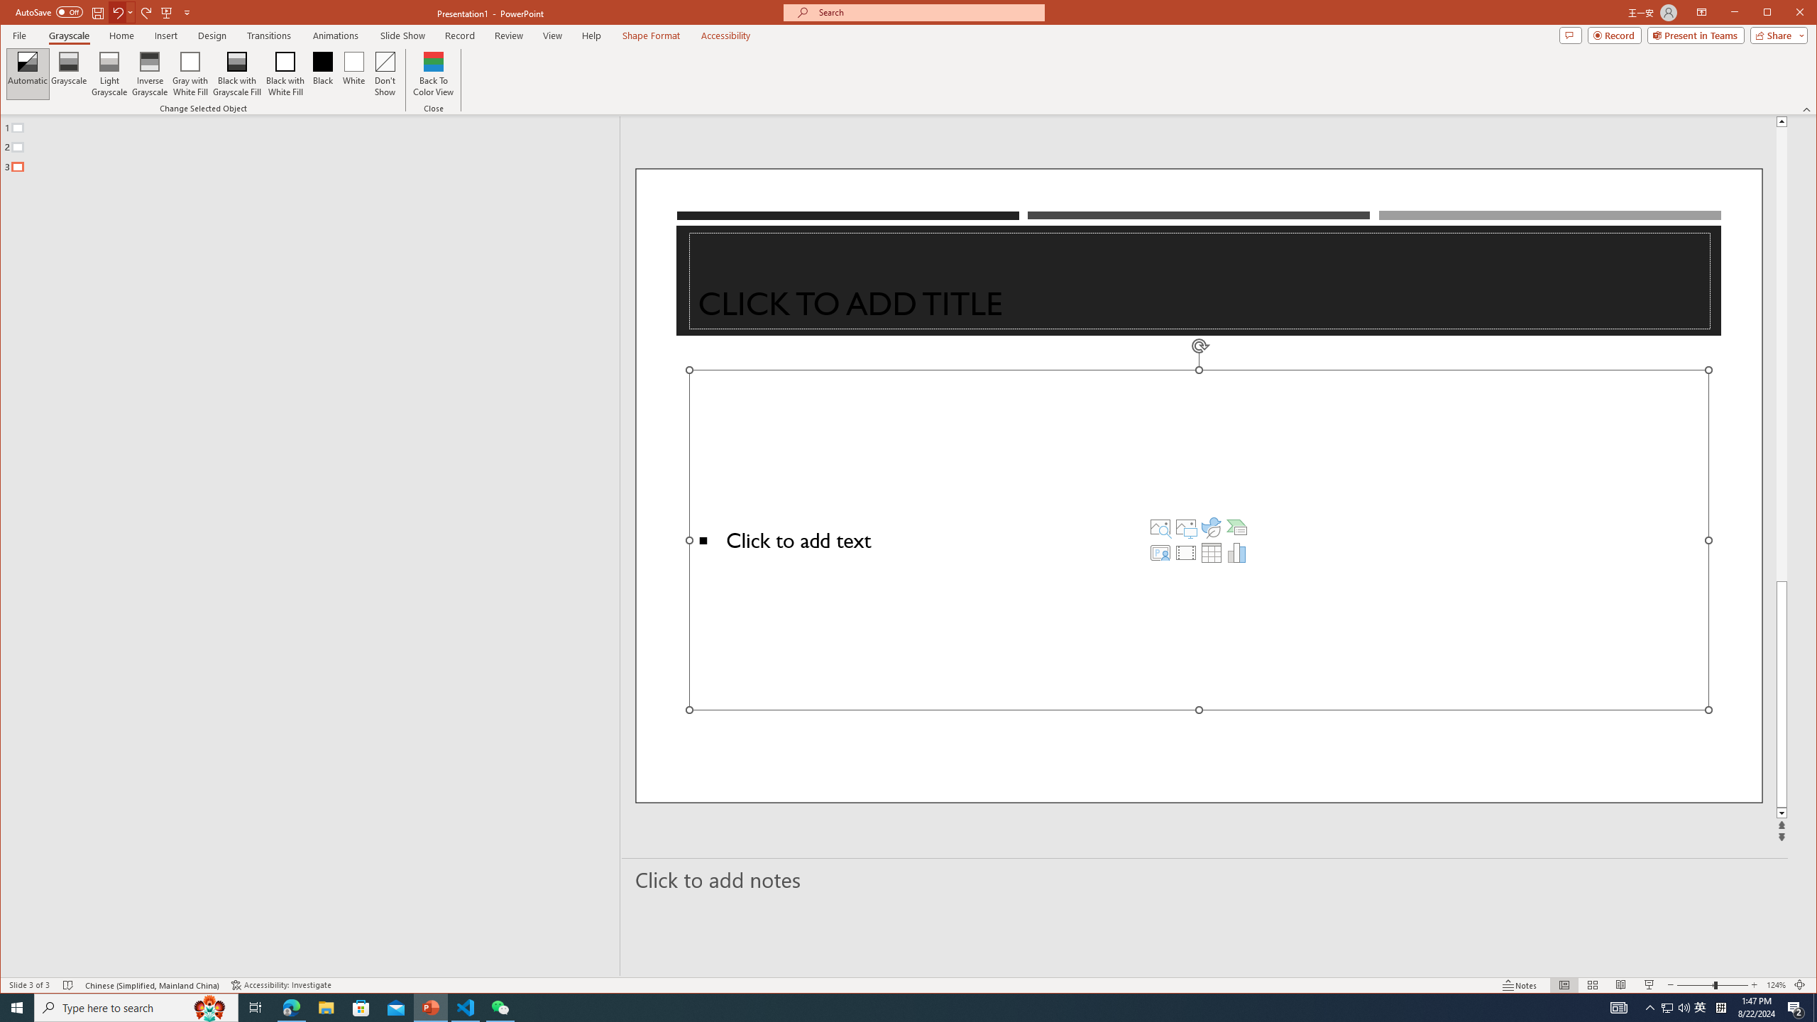 The image size is (1817, 1022). Describe the element at coordinates (385, 73) in the screenshot. I see `'Don'` at that location.